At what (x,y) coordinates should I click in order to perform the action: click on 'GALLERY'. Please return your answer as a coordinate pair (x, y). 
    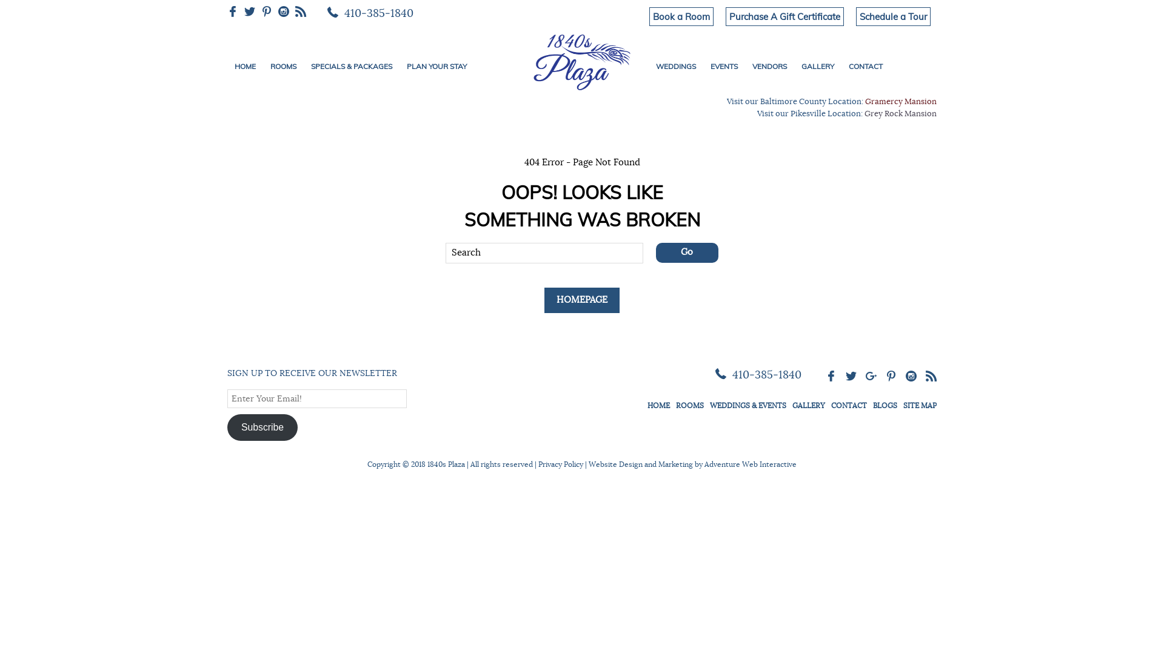
    Looking at the image, I should click on (817, 67).